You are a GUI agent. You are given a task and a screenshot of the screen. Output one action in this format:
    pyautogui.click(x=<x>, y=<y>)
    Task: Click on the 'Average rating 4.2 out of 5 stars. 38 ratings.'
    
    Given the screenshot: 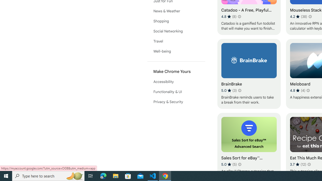 What is the action you would take?
    pyautogui.click(x=299, y=16)
    